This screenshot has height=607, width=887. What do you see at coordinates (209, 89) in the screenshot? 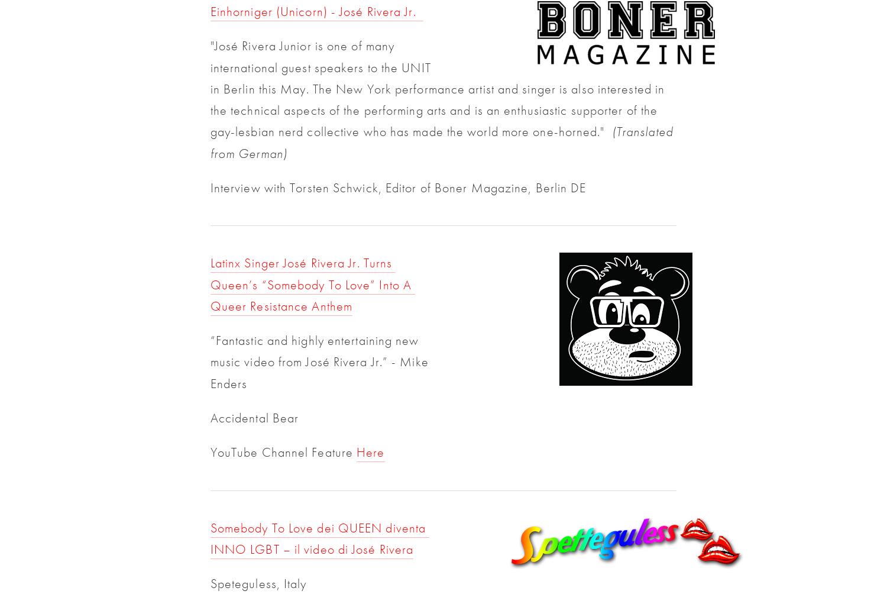
I see `'"José Rivera Junior is one of many international guest speakers to the UNIT in Berlin this May. The New York performance artist and singer is also interested in the technical aspects of the performing arts and is an enthusiastic supporter of the gay-lesbian nerd collective who has made the world more one-horned."'` at bounding box center [209, 89].